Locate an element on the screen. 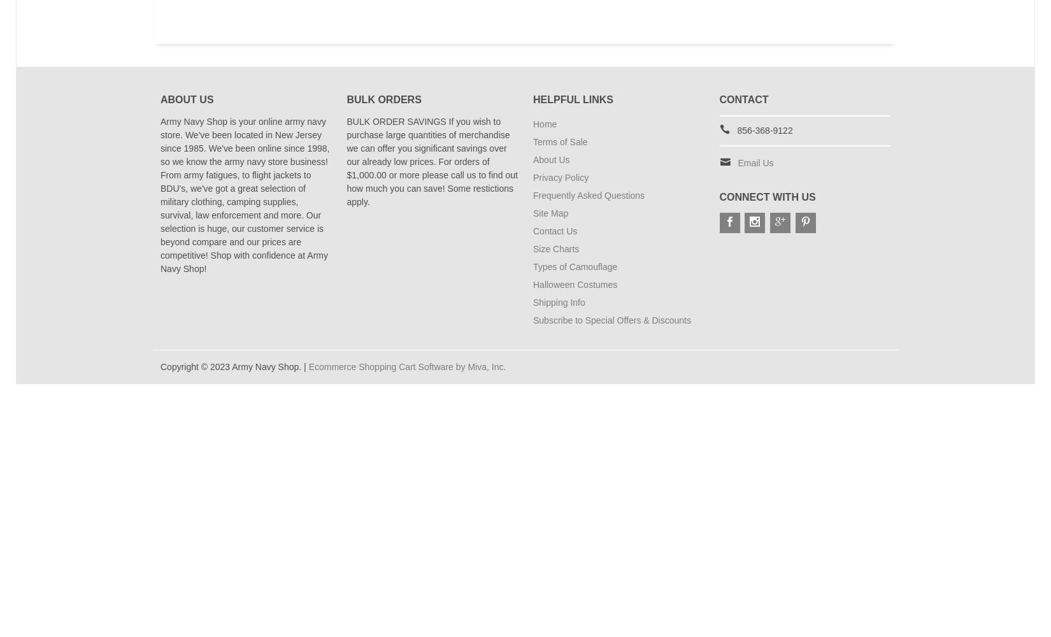 Image resolution: width=1051 pixels, height=637 pixels. 'Size Charts' is located at coordinates (556, 248).